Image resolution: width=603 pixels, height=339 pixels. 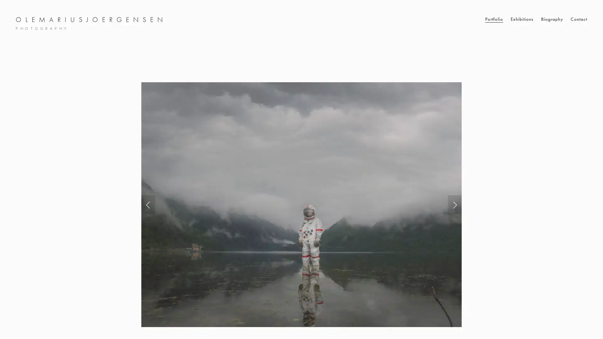 I want to click on Previous Slide, so click(x=148, y=204).